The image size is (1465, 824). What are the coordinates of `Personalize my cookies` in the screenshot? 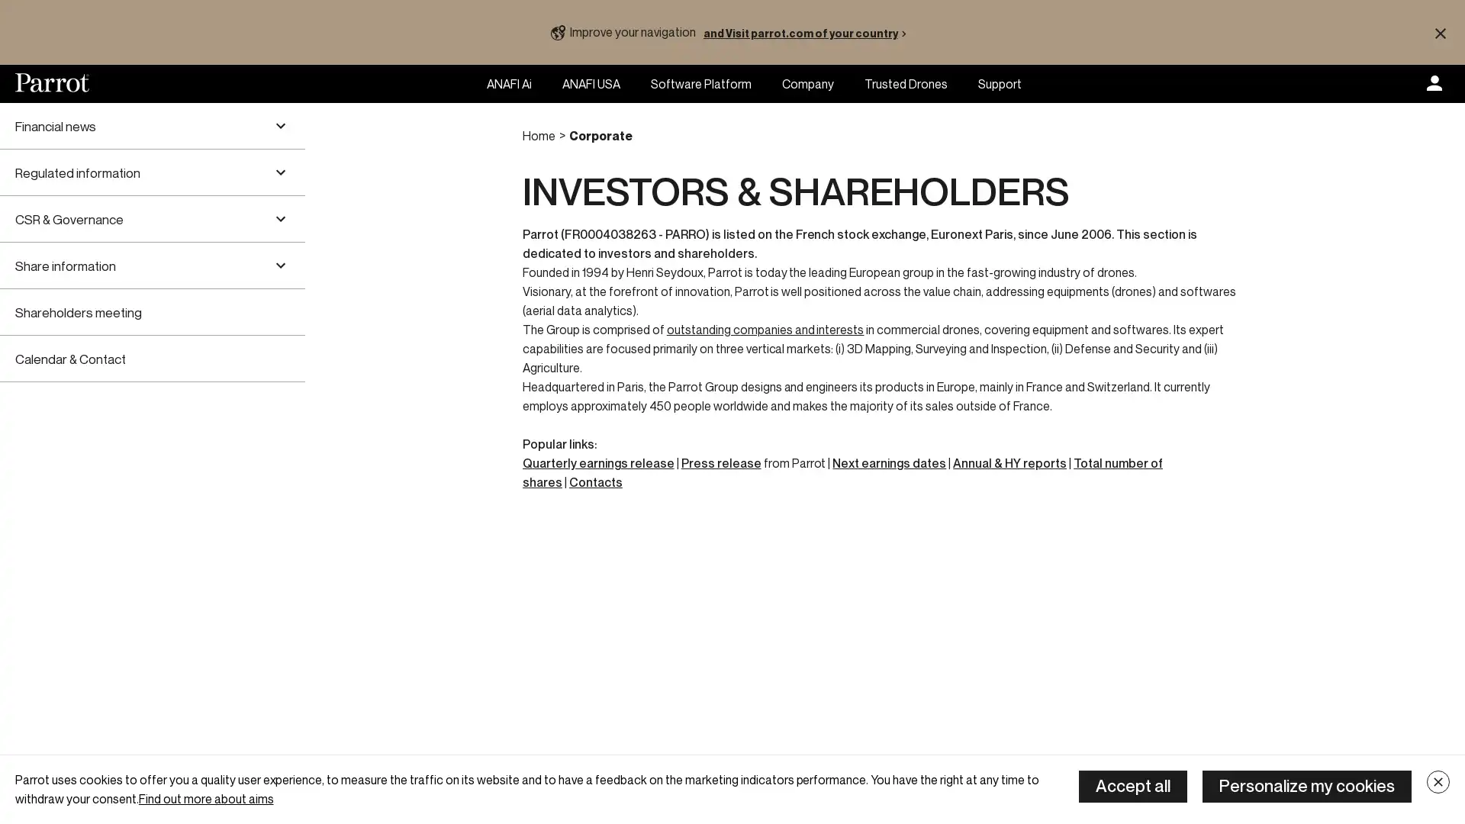 It's located at (1306, 786).